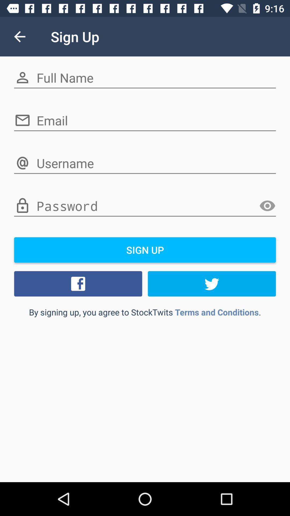 The image size is (290, 516). Describe the element at coordinates (19, 36) in the screenshot. I see `item to the left of sign up` at that location.